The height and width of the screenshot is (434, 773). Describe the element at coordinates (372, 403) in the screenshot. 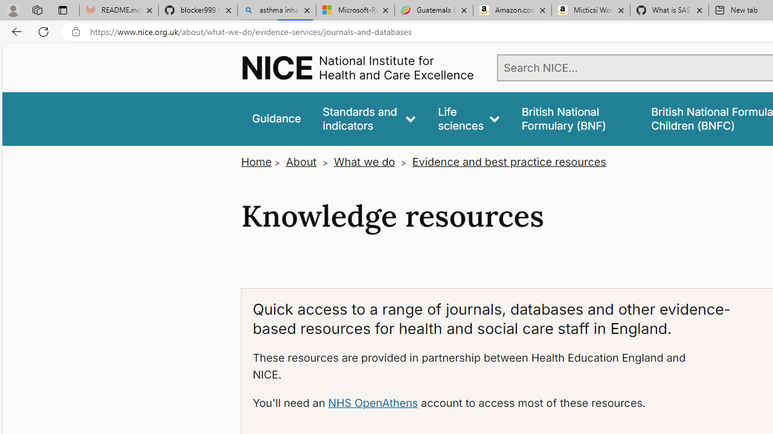

I see `'NHS OpenAthens'` at that location.